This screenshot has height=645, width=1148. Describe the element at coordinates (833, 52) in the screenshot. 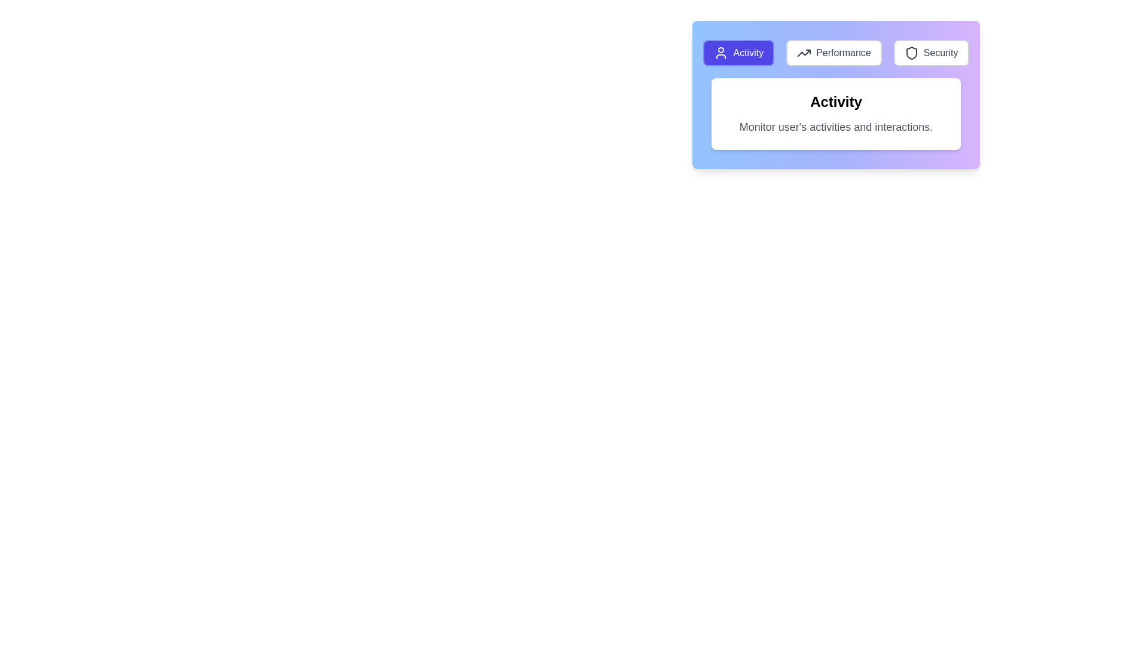

I see `the 'Performance' button, which is the second button in a series of three at the top of the interface` at that location.